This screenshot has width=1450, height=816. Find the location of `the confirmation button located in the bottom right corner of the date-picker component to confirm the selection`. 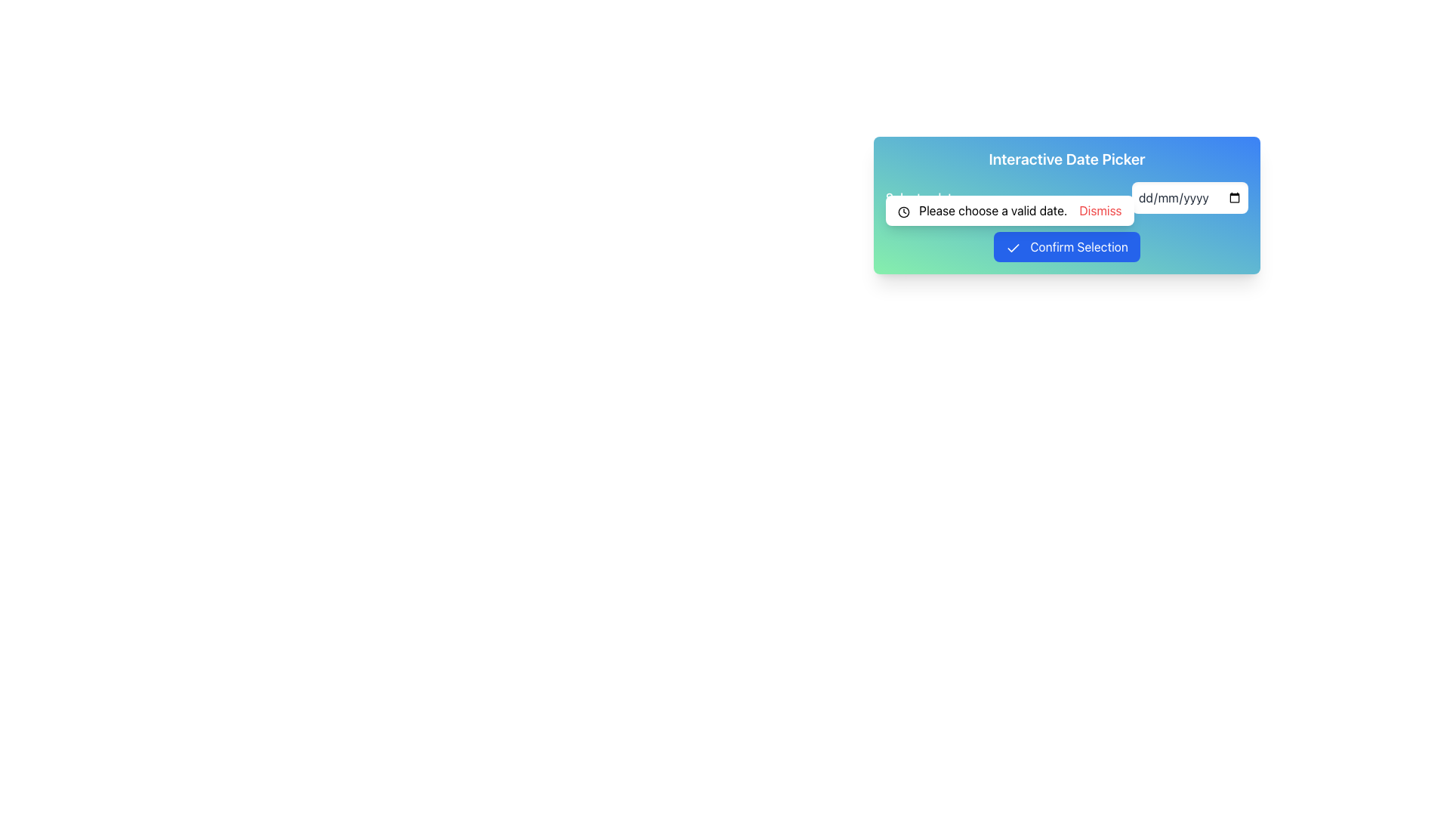

the confirmation button located in the bottom right corner of the date-picker component to confirm the selection is located at coordinates (1066, 246).